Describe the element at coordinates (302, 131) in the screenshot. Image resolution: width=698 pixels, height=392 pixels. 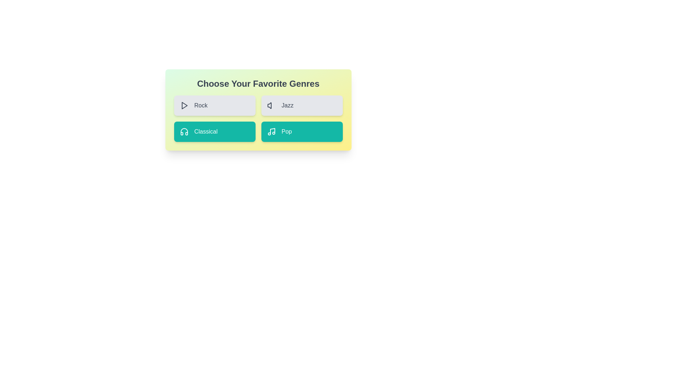
I see `the genre button labeled Pop` at that location.